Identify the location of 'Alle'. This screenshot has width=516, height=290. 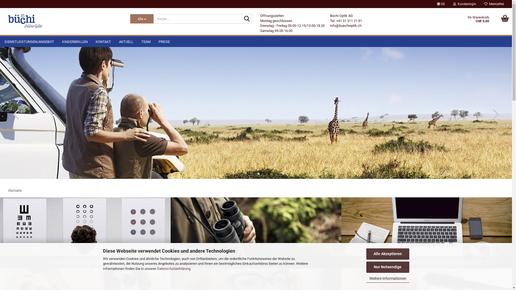
(142, 18).